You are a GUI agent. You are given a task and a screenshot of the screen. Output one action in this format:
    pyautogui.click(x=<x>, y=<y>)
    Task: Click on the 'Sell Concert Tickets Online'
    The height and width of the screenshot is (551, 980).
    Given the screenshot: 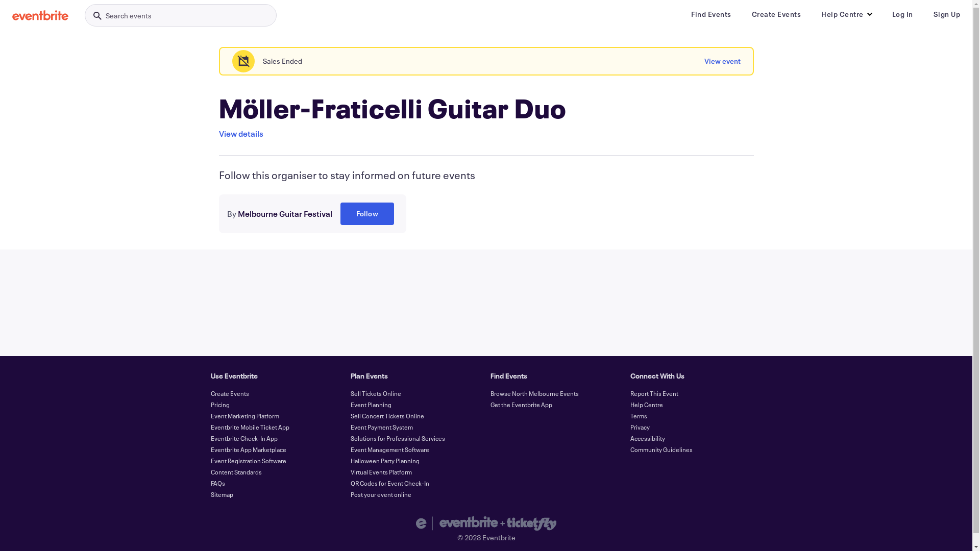 What is the action you would take?
    pyautogui.click(x=386, y=415)
    